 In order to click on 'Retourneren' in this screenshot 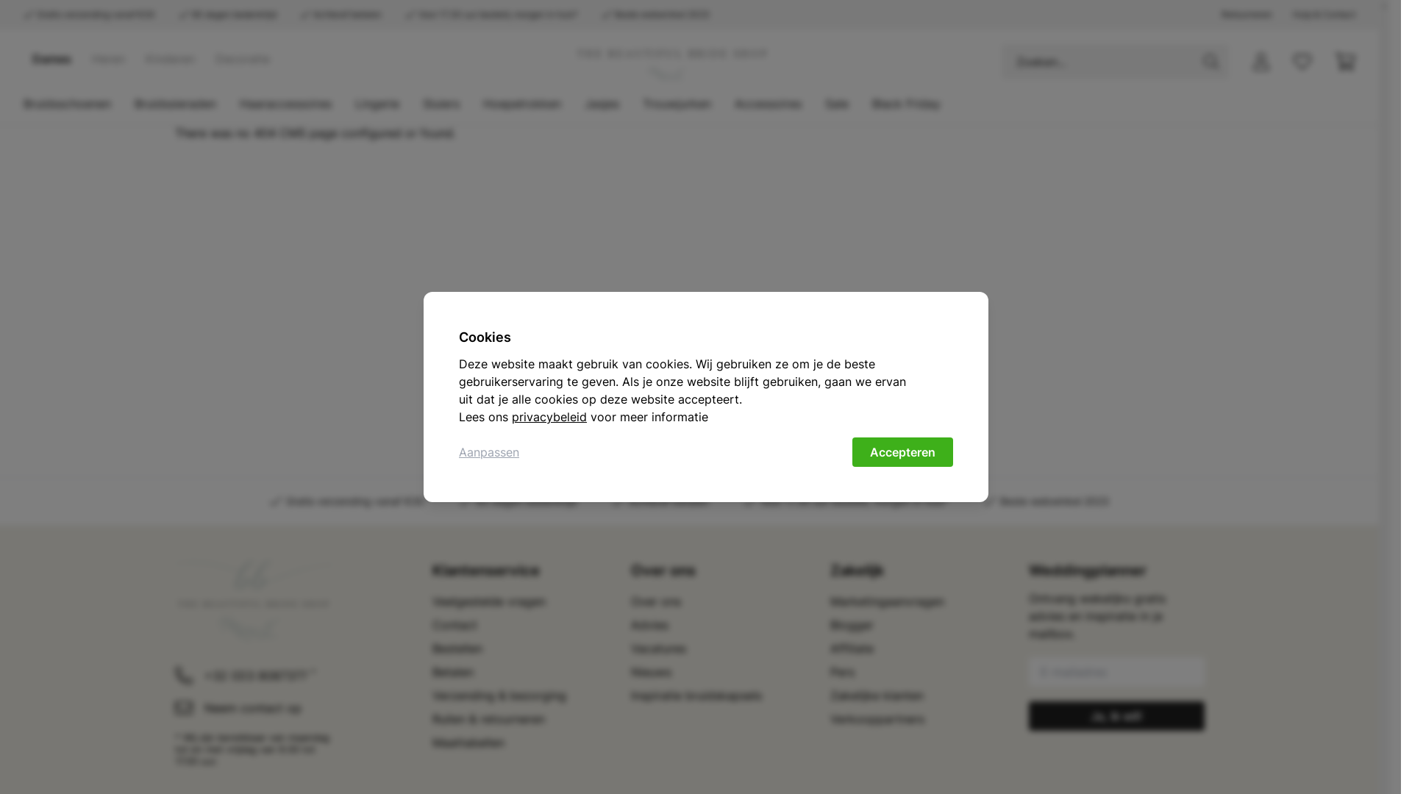, I will do `click(1246, 14)`.